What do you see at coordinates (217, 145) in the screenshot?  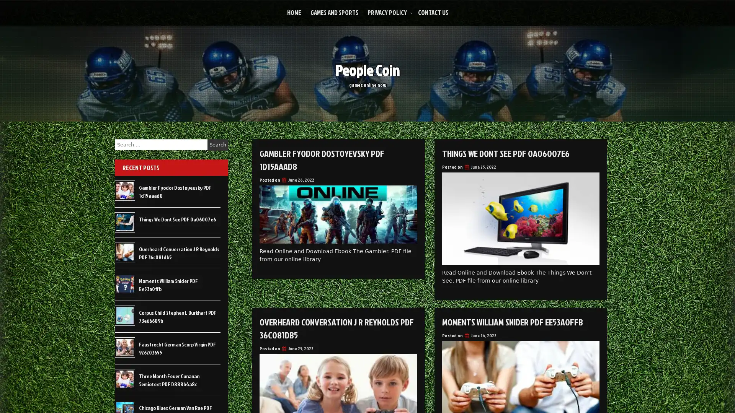 I see `Search` at bounding box center [217, 145].